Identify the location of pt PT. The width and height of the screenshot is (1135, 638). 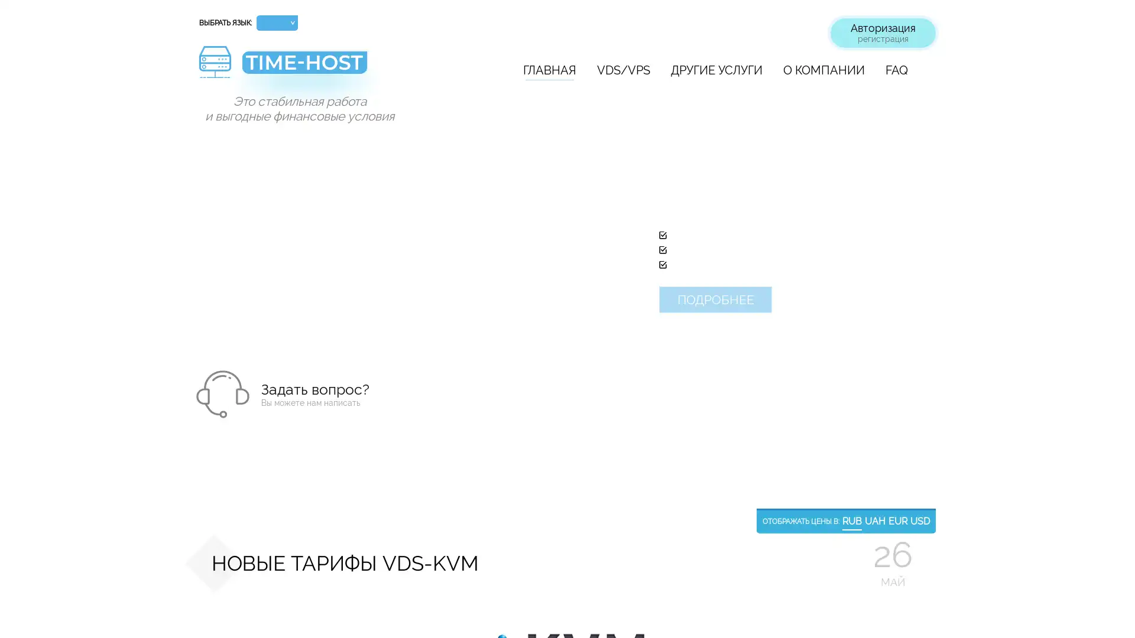
(277, 99).